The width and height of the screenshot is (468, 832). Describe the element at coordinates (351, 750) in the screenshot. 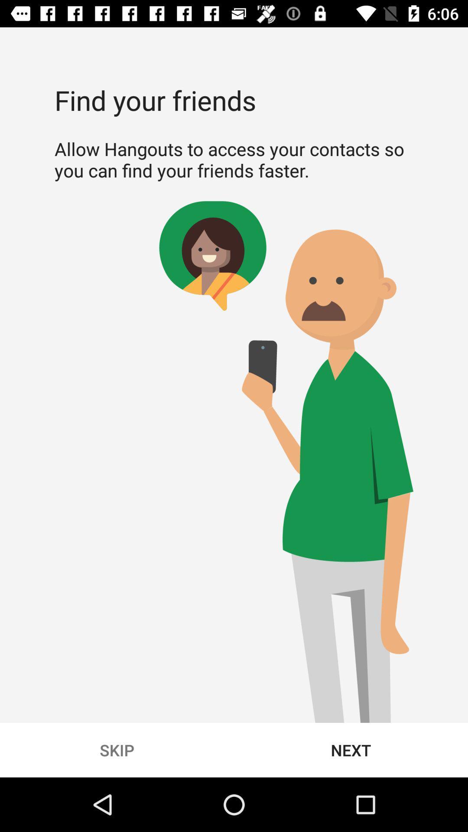

I see `the next icon` at that location.